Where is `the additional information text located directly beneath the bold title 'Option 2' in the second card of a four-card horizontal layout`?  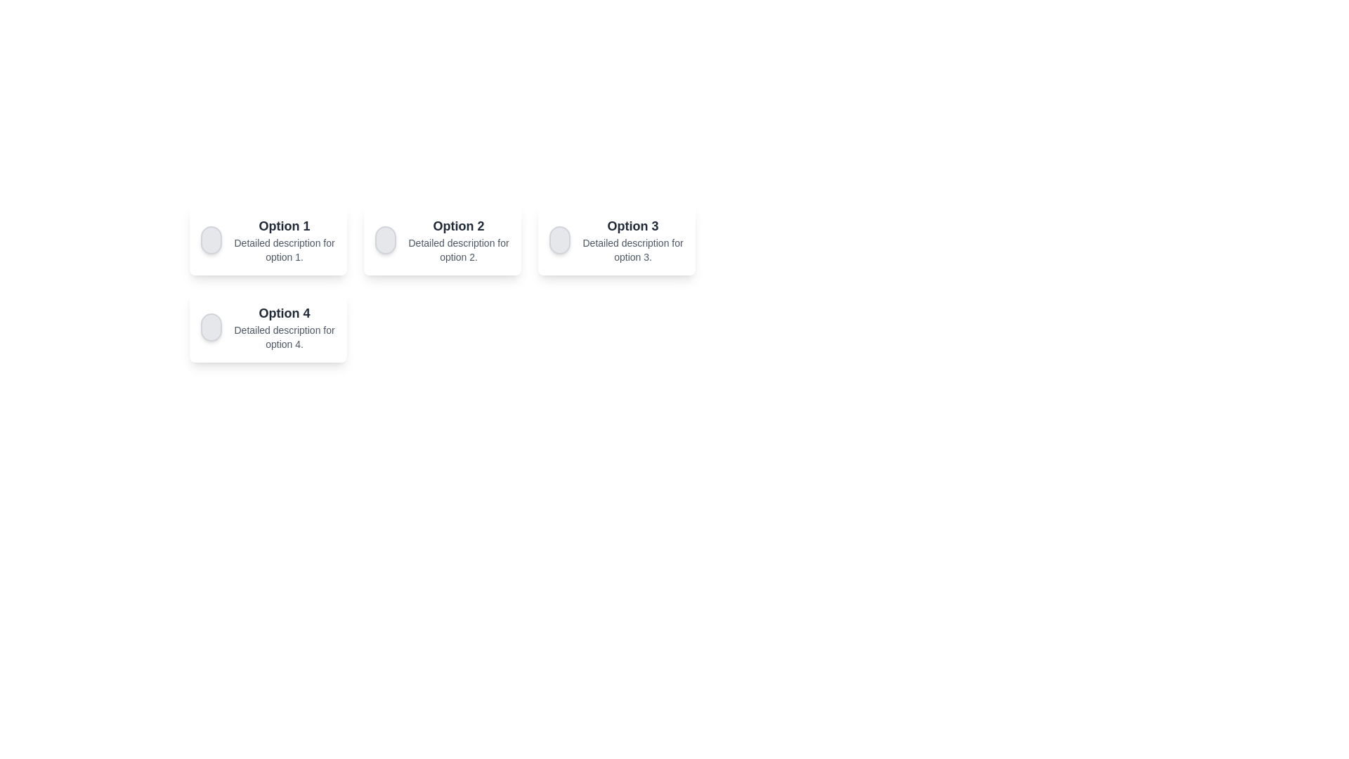
the additional information text located directly beneath the bold title 'Option 2' in the second card of a four-card horizontal layout is located at coordinates (458, 249).